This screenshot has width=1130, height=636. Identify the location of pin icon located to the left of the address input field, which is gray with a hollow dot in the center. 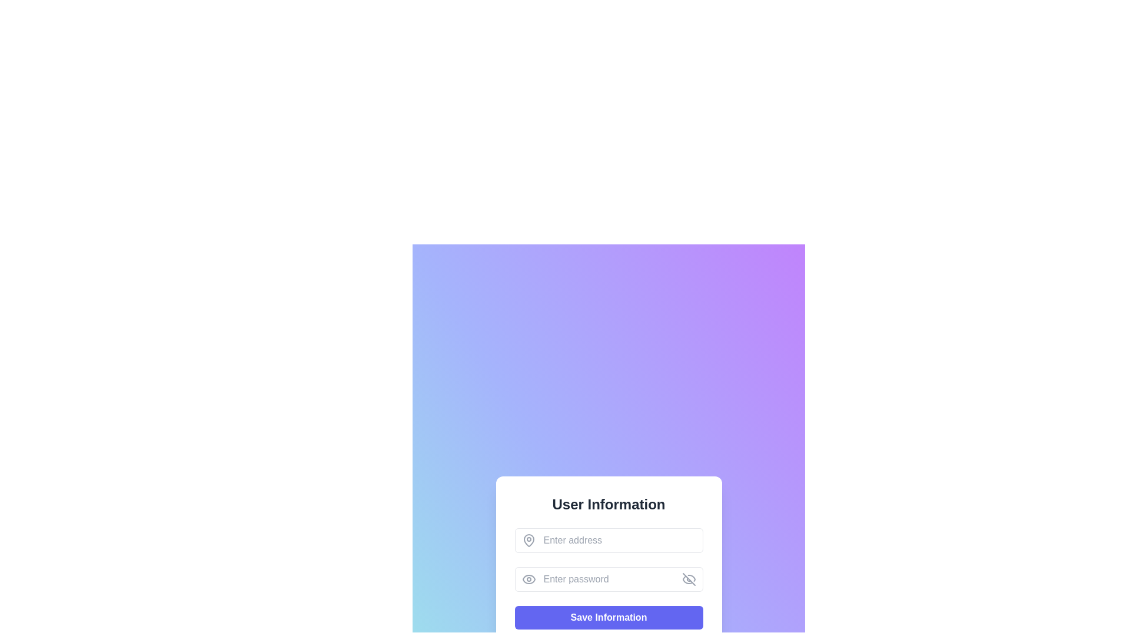
(528, 541).